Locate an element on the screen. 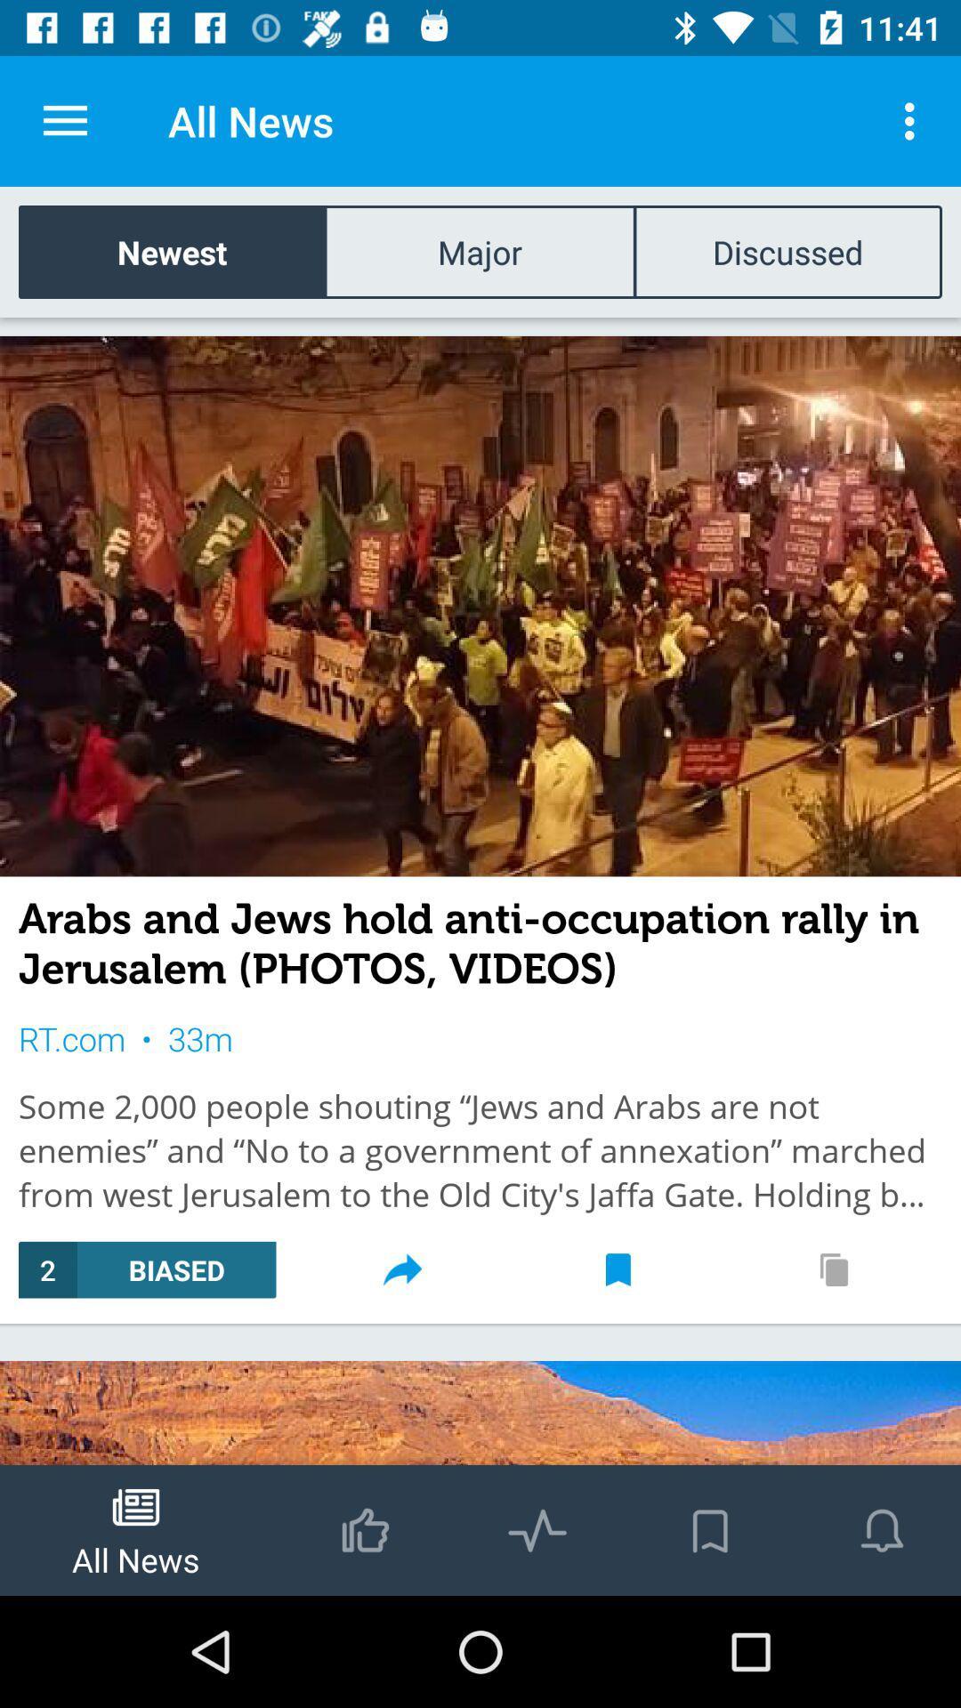 This screenshot has width=961, height=1708. item to the right of all news icon is located at coordinates (914, 120).